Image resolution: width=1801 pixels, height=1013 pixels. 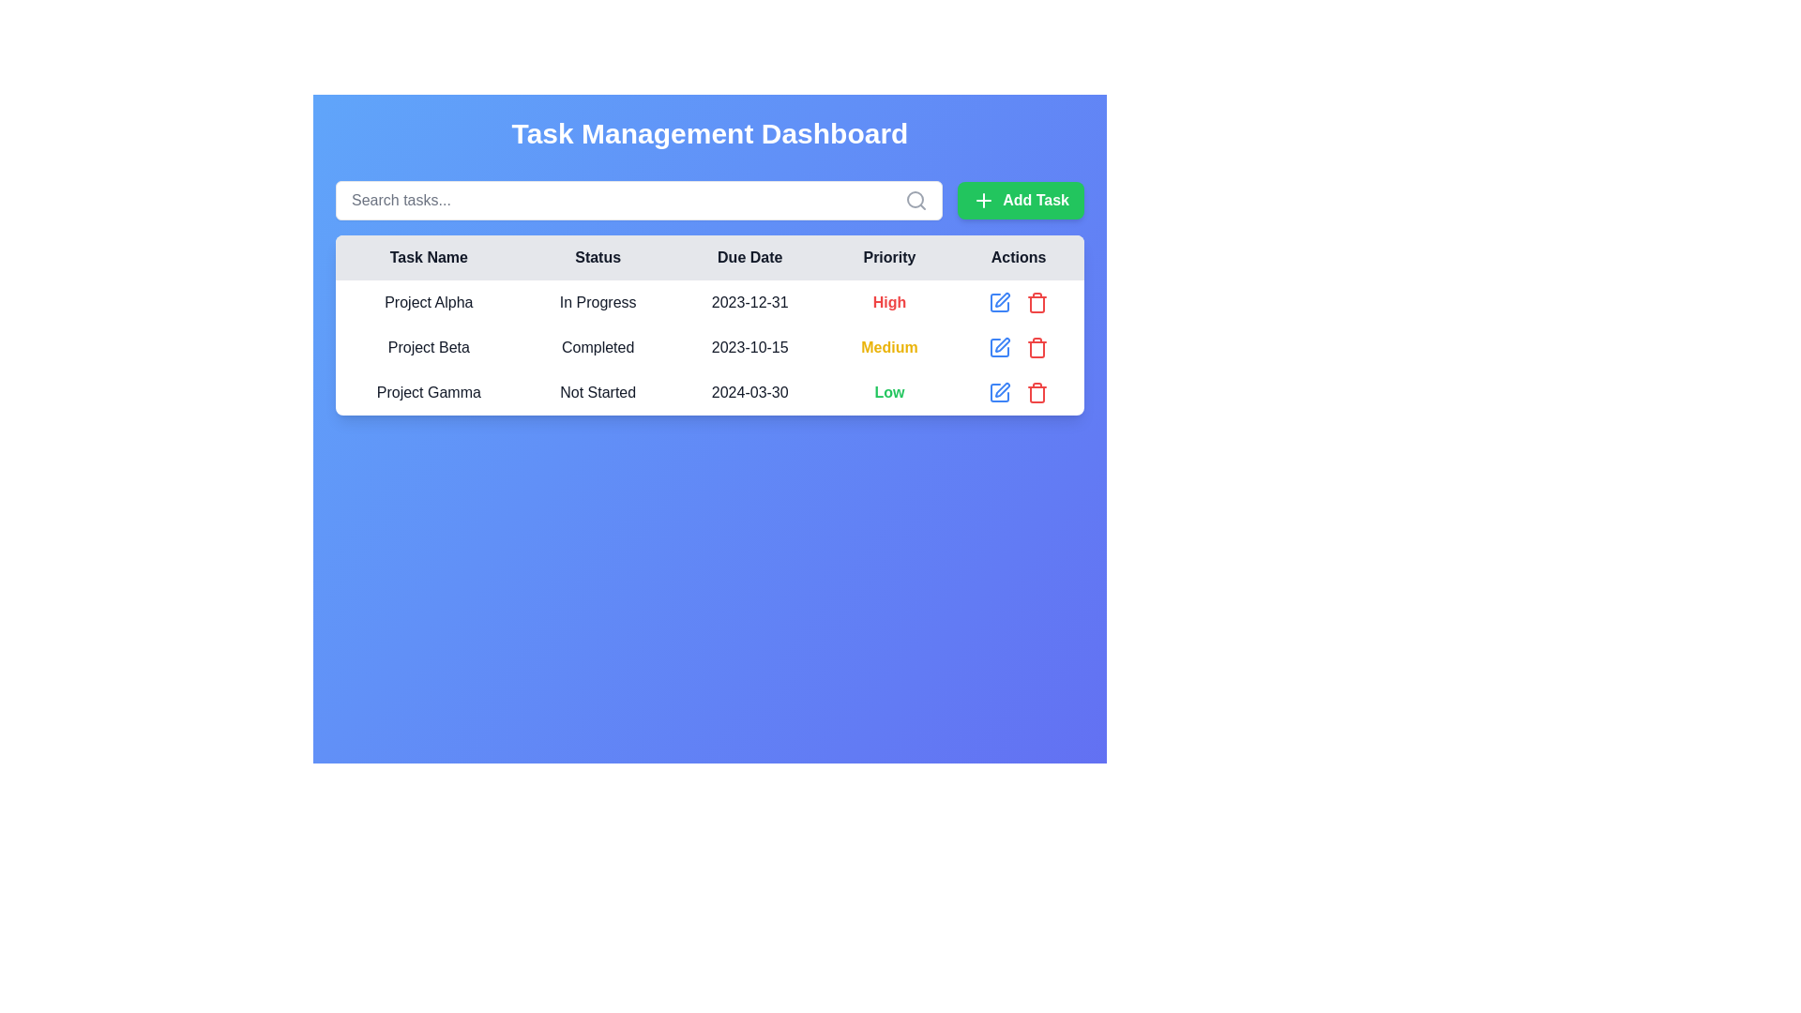 I want to click on the entire trash icon in the last row of the Actions column to perform the delete action, so click(x=1037, y=303).